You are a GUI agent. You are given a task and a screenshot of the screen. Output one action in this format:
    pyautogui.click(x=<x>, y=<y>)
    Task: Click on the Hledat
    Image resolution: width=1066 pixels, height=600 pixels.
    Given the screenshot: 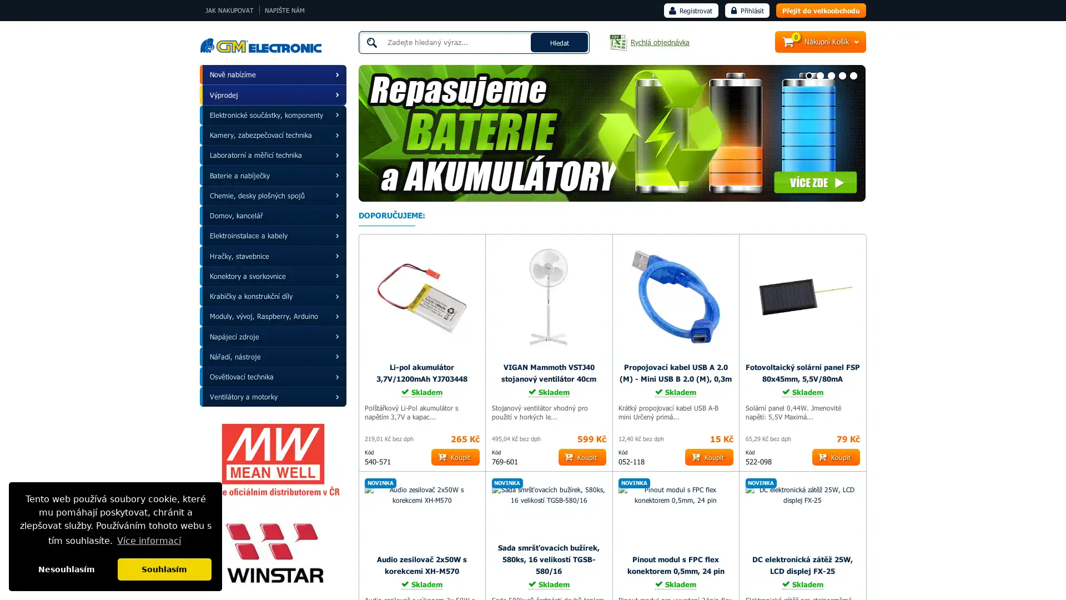 What is the action you would take?
    pyautogui.click(x=559, y=41)
    